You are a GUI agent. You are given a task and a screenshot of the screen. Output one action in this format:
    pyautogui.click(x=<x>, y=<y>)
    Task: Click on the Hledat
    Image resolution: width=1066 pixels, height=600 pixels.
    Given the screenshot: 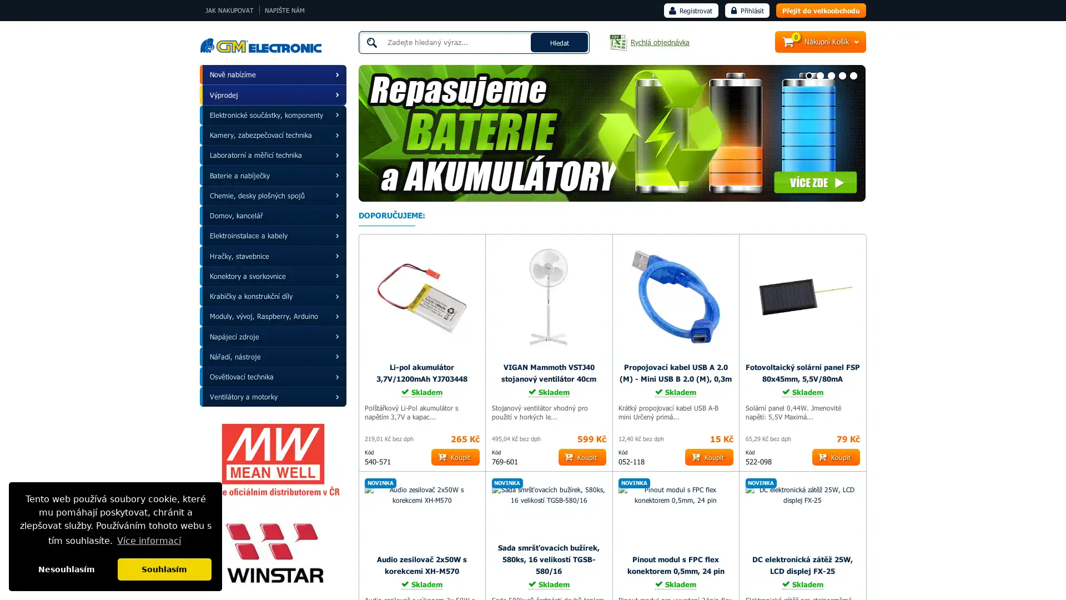 What is the action you would take?
    pyautogui.click(x=559, y=41)
    